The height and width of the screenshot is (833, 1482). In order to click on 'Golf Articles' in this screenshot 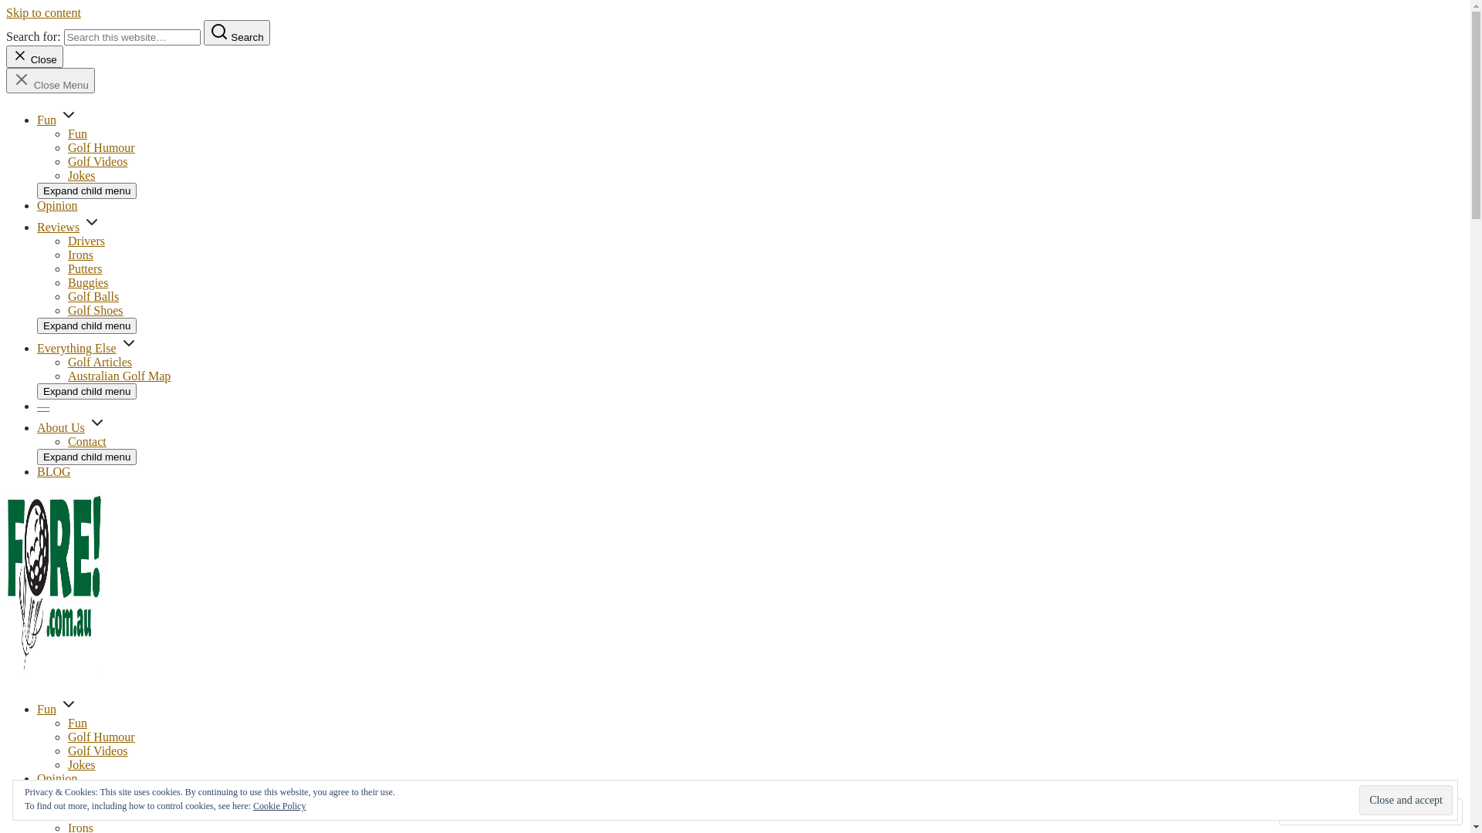, I will do `click(99, 362)`.